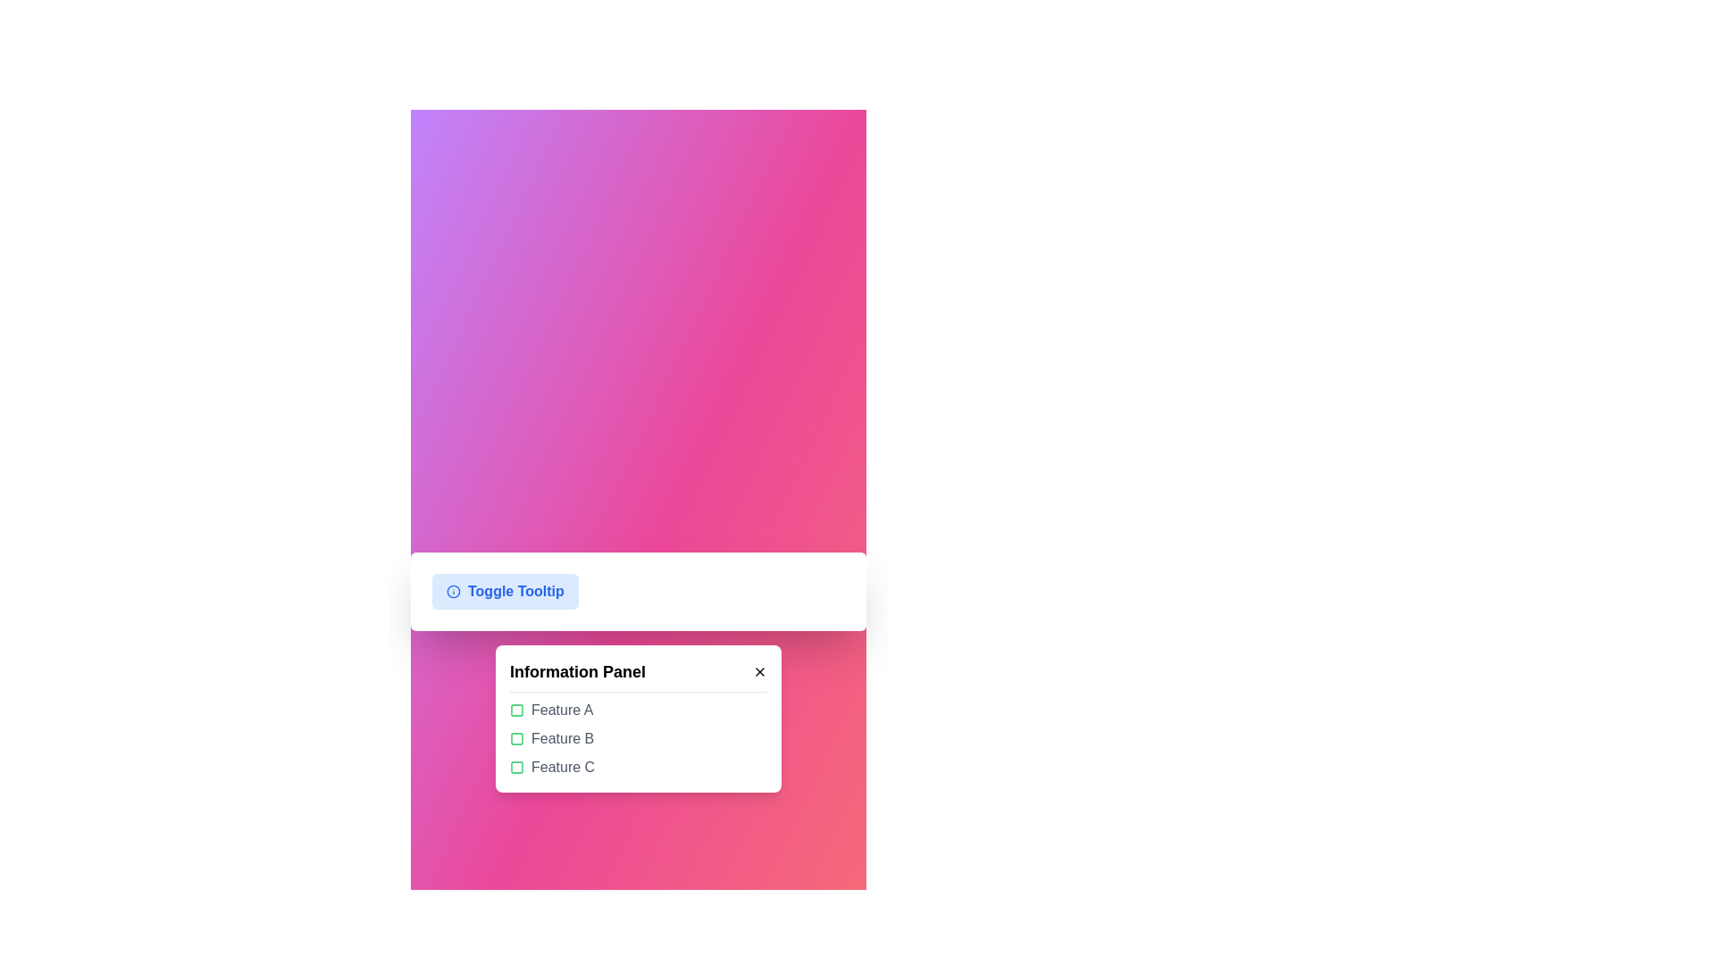 This screenshot has width=1715, height=964. I want to click on the close button represented by an 'X' icon located at the top-right corner of the 'Information Panel', so click(759, 671).